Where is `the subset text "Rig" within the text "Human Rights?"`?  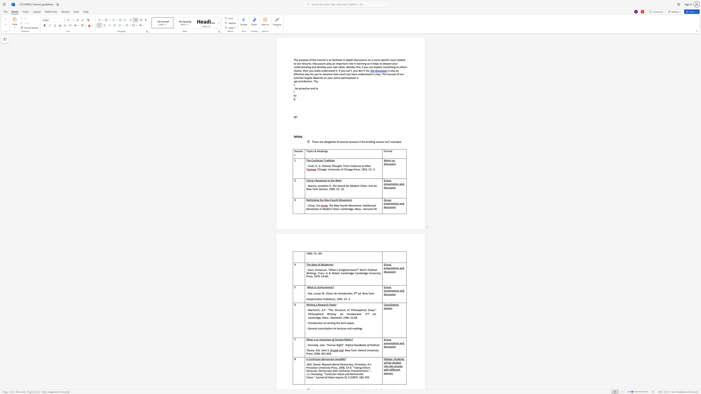 the subset text "Rig" within the text "Human Rights?" is located at coordinates (344, 339).